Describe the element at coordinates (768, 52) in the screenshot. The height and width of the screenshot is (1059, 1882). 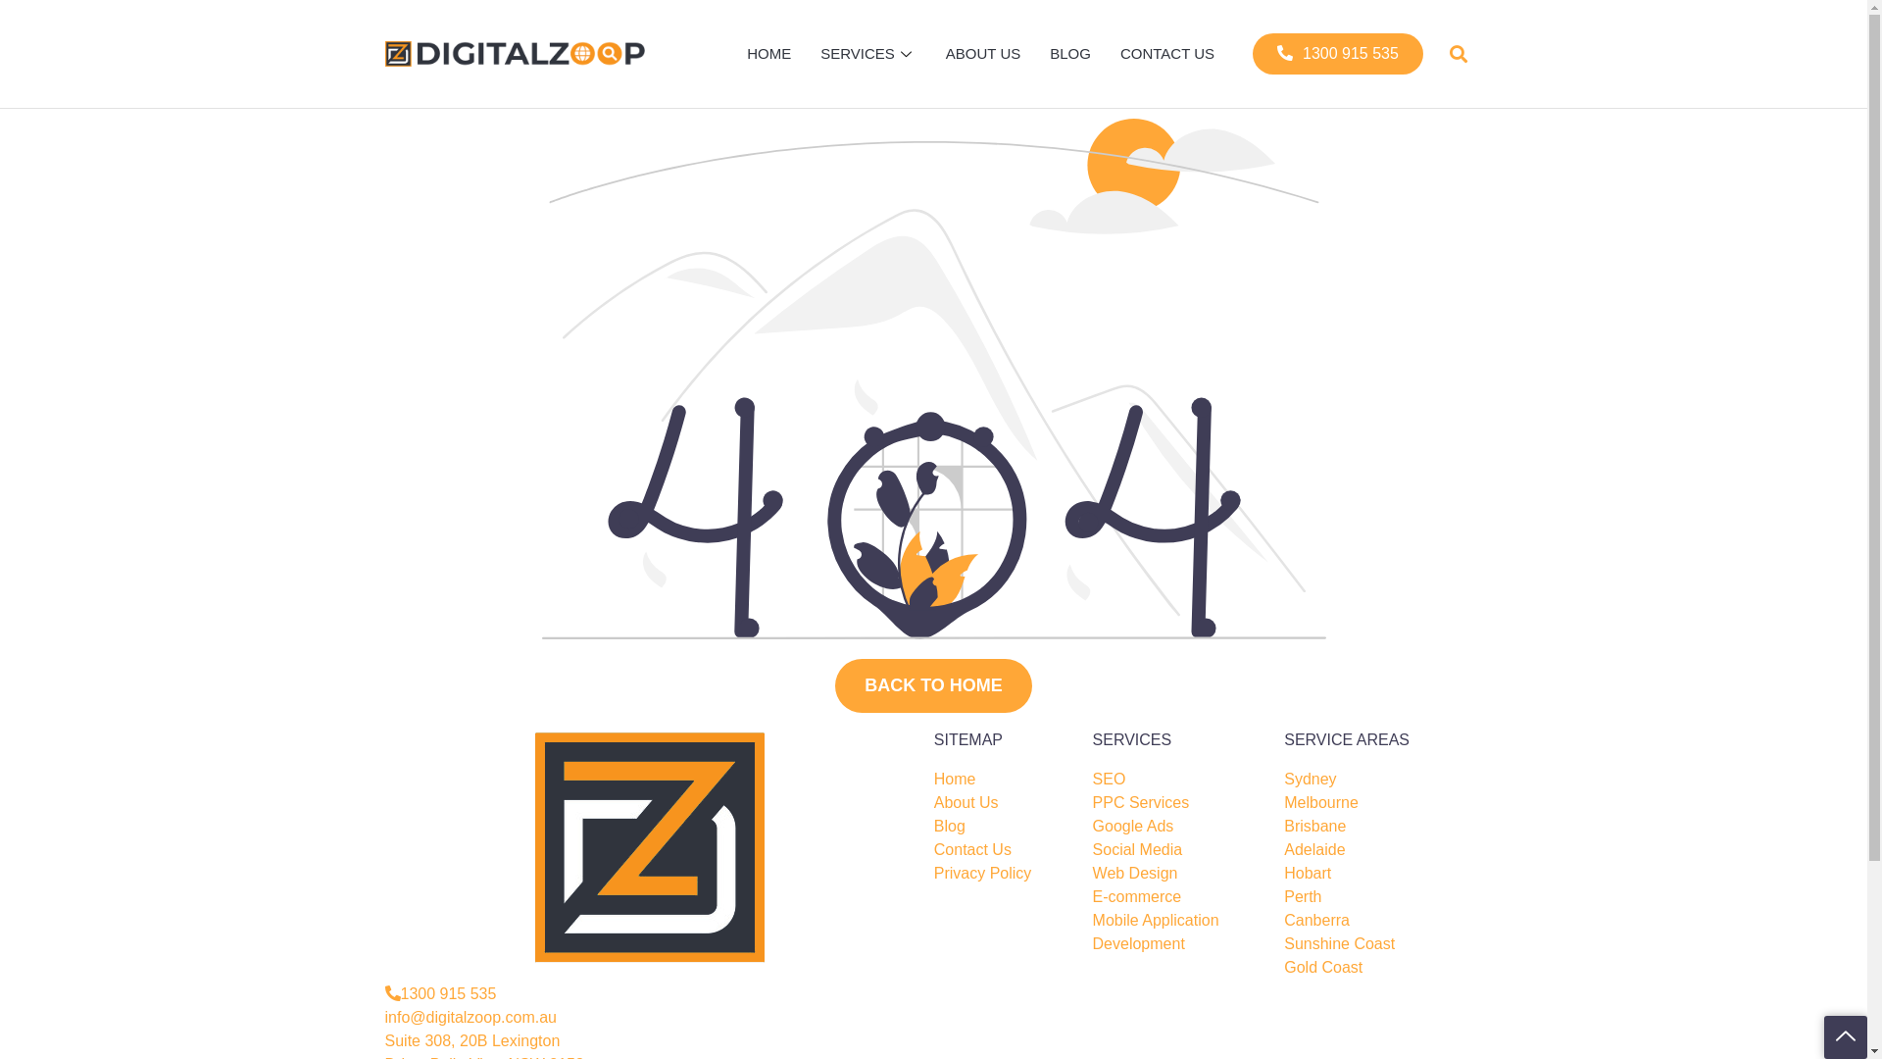
I see `'HOME'` at that location.